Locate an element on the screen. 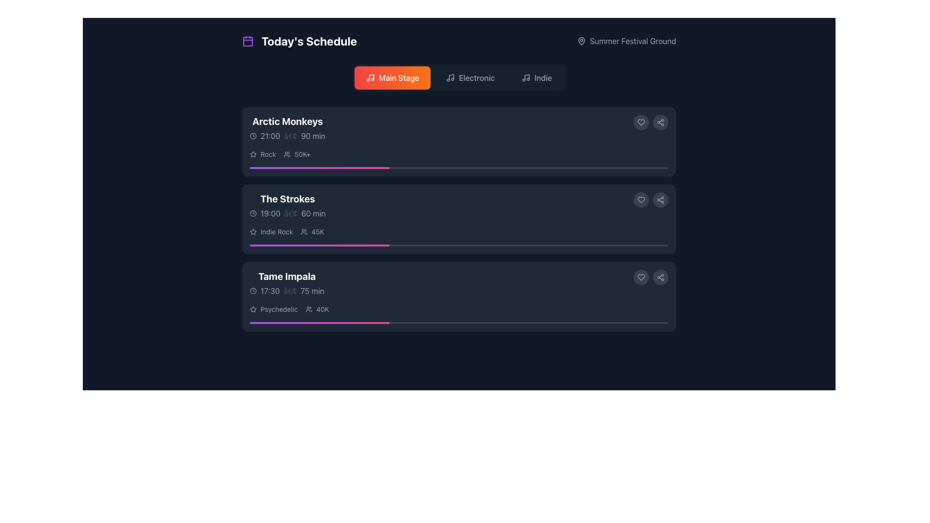  the 'Indie' option button located in the horizontal row of buttons near the top center of the interface, to the right of 'Electronic' and left of an empty space, which categorizes content related to 'Indie' is located at coordinates (543, 77).